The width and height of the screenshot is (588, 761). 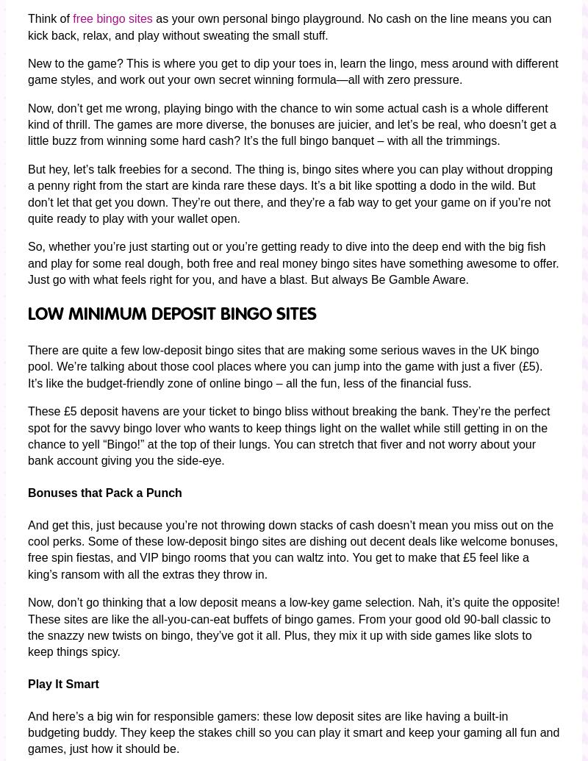 What do you see at coordinates (50, 18) in the screenshot?
I see `'Think of'` at bounding box center [50, 18].